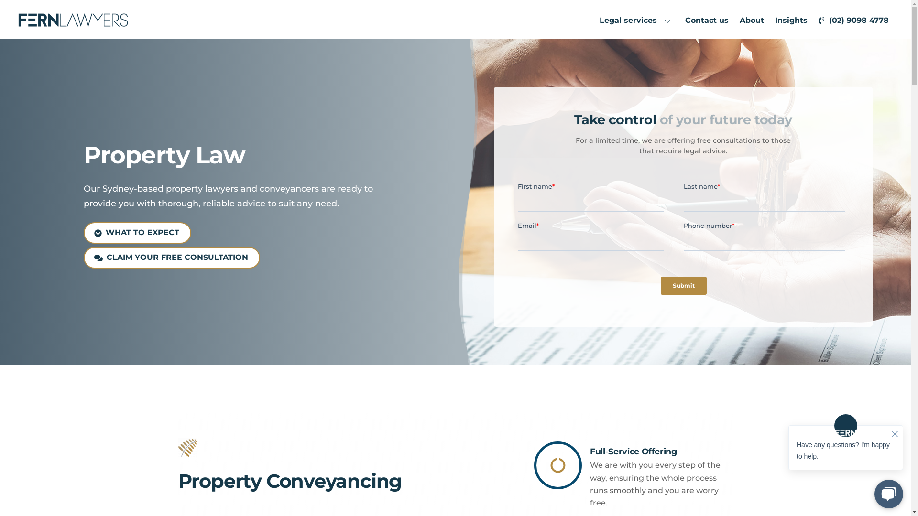 The width and height of the screenshot is (918, 516). What do you see at coordinates (734, 20) in the screenshot?
I see `'About'` at bounding box center [734, 20].